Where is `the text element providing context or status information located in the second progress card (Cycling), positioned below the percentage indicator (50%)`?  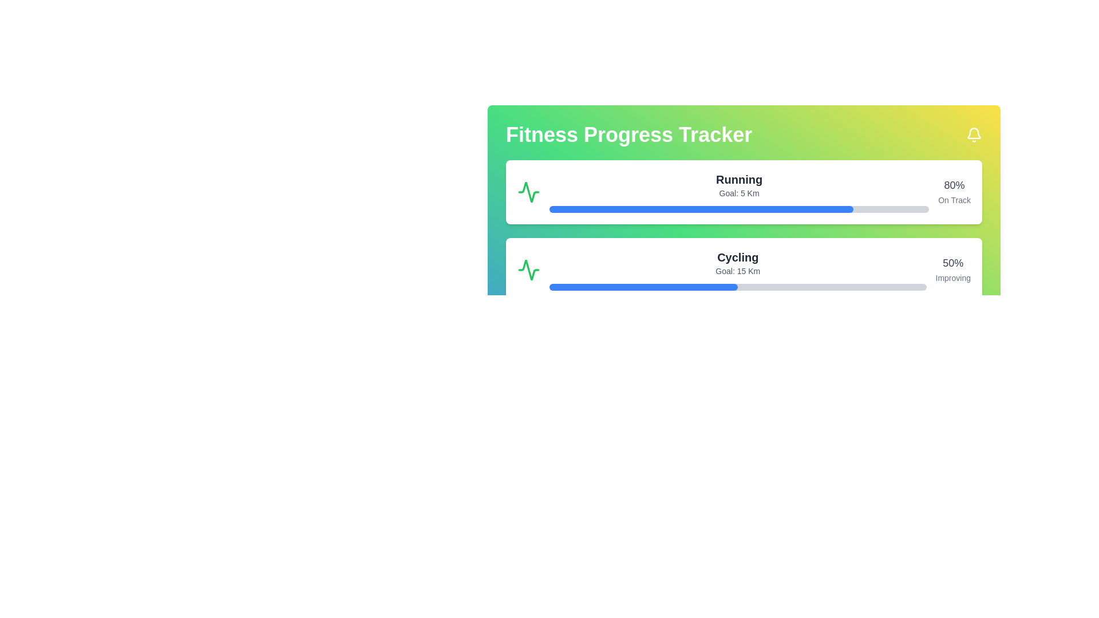
the text element providing context or status information located in the second progress card (Cycling), positioned below the percentage indicator (50%) is located at coordinates (953, 278).